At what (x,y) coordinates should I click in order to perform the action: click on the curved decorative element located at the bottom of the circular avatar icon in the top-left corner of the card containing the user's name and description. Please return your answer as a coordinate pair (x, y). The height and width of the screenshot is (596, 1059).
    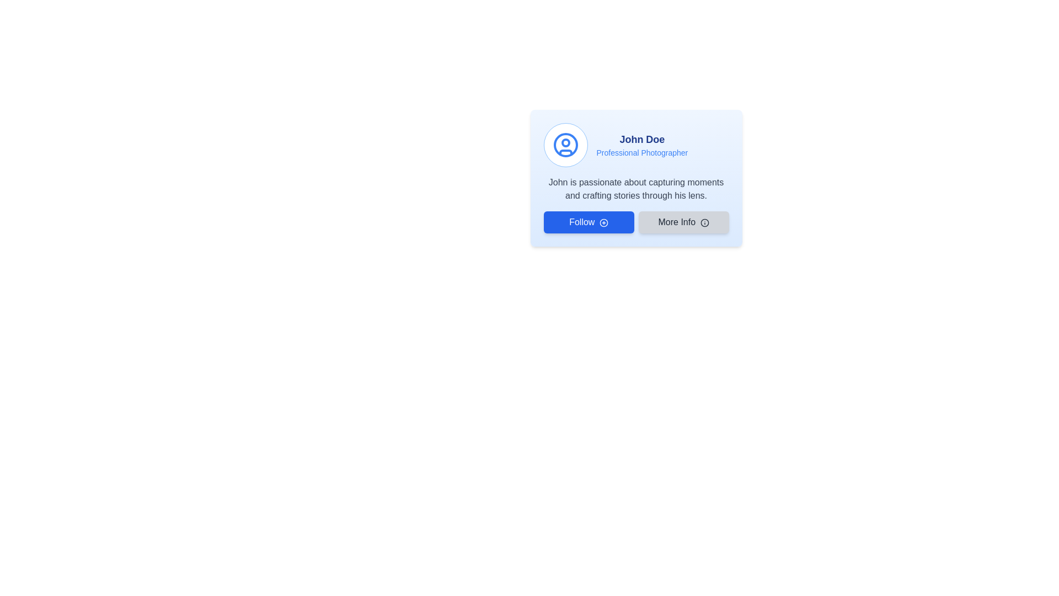
    Looking at the image, I should click on (565, 152).